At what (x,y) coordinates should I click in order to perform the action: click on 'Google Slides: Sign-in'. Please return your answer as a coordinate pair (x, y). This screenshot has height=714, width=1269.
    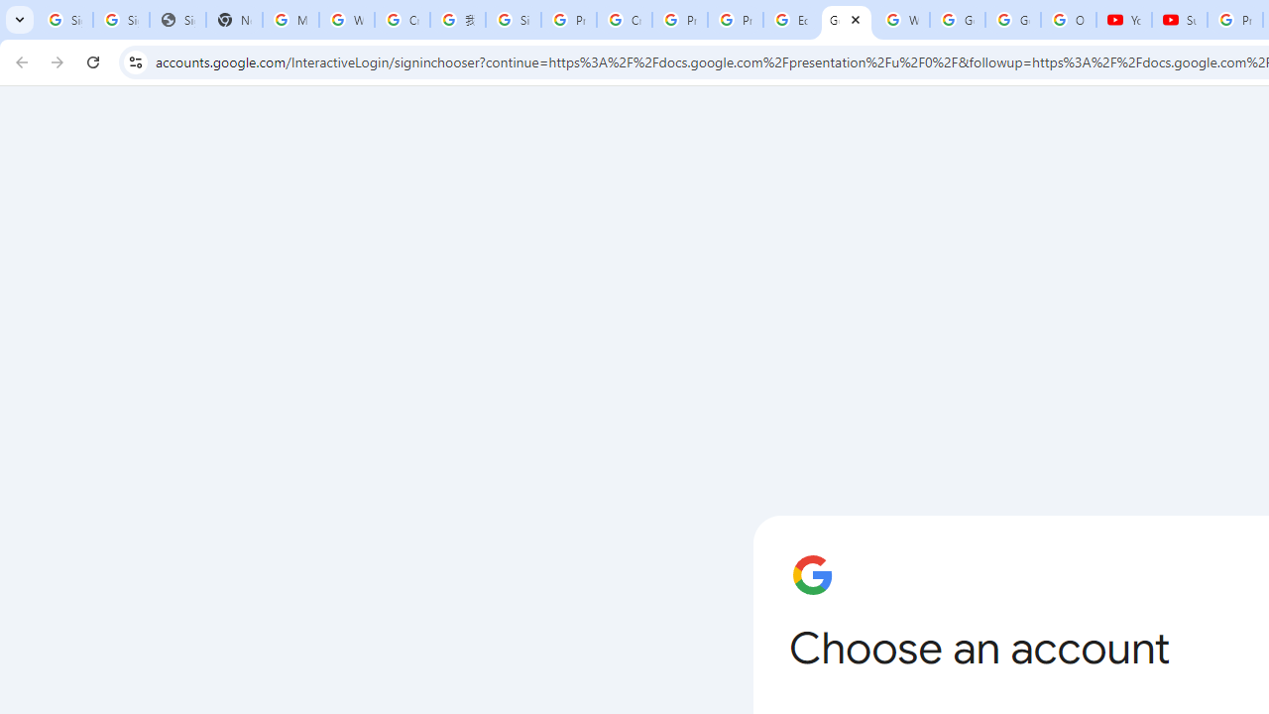
    Looking at the image, I should click on (846, 20).